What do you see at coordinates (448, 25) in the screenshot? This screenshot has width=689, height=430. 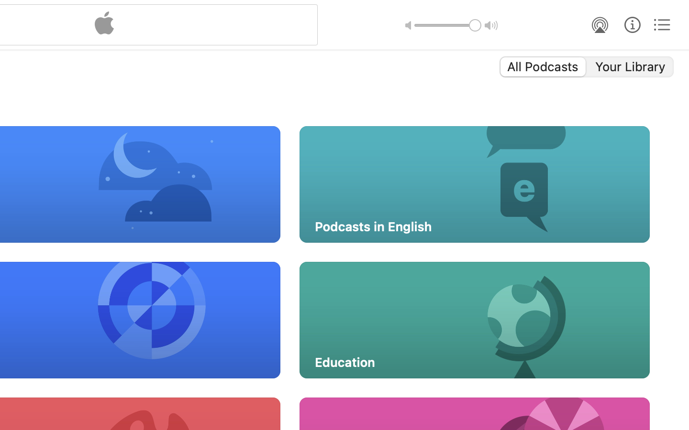 I see `'1.0'` at bounding box center [448, 25].